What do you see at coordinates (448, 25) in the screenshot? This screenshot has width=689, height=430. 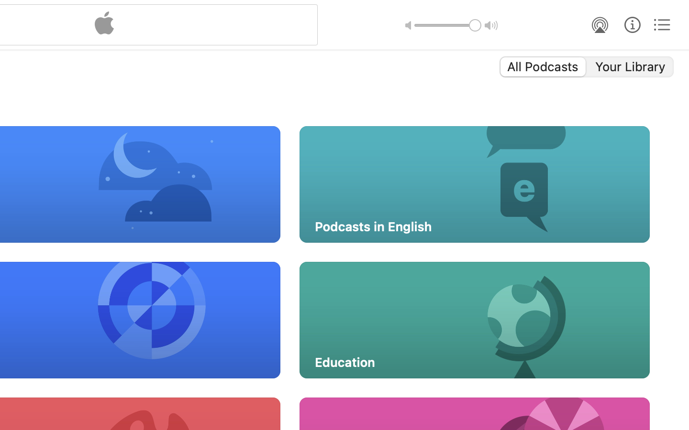 I see `'1.0'` at bounding box center [448, 25].